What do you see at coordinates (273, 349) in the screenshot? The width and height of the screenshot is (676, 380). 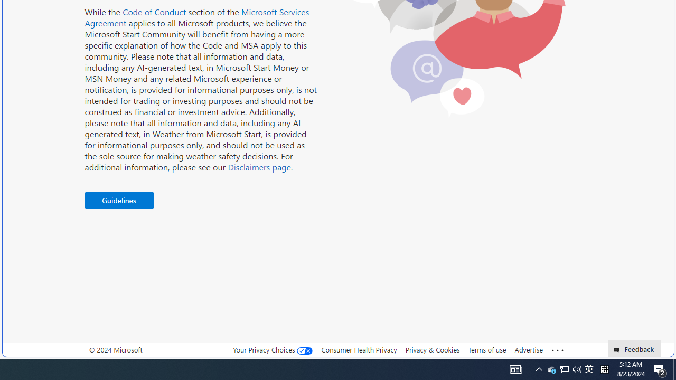 I see `'Your Privacy Choices'` at bounding box center [273, 349].